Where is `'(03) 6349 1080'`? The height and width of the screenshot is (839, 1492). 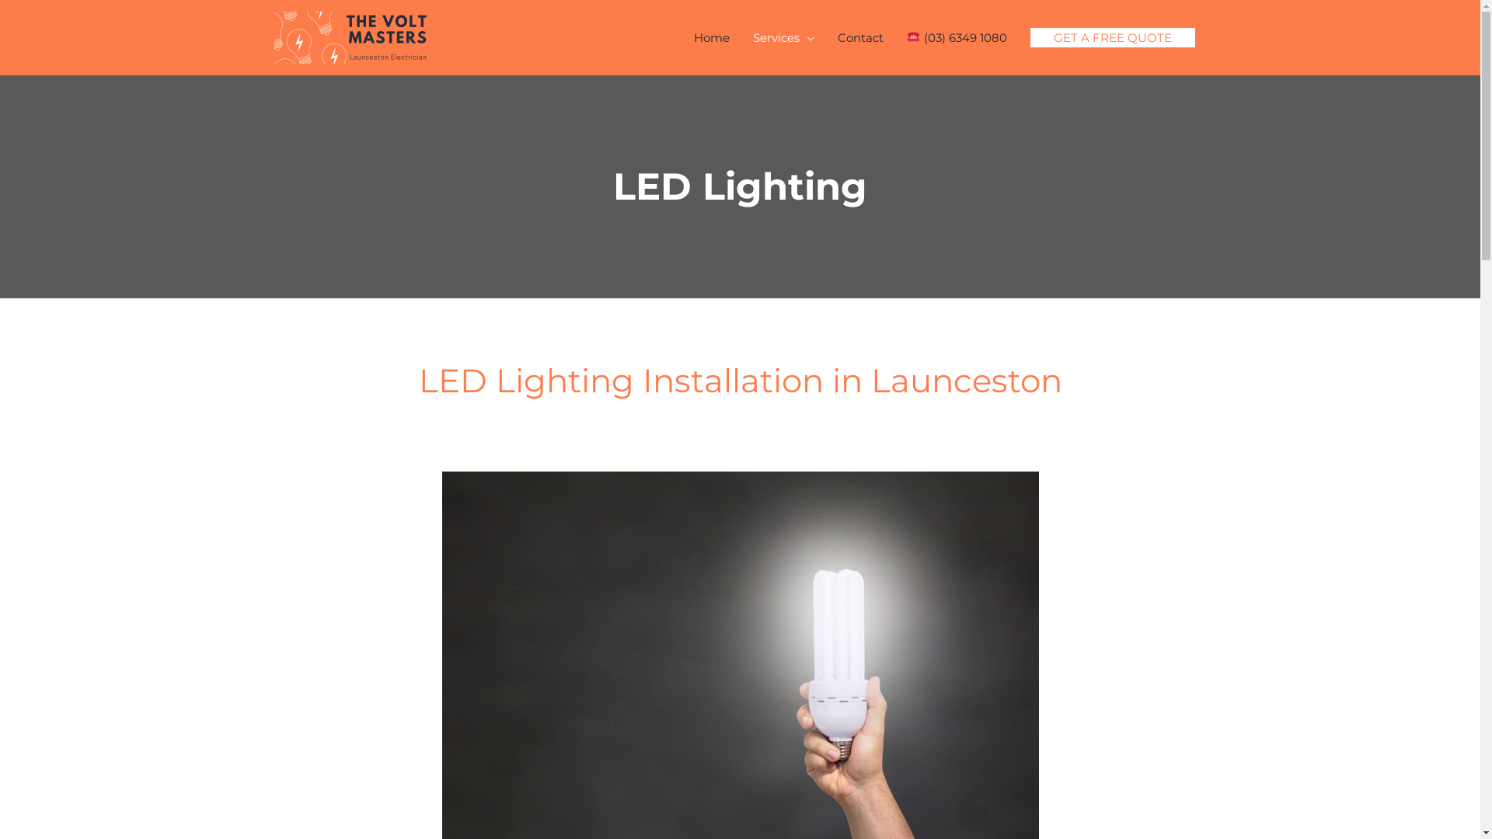
'(03) 6349 1080' is located at coordinates (955, 36).